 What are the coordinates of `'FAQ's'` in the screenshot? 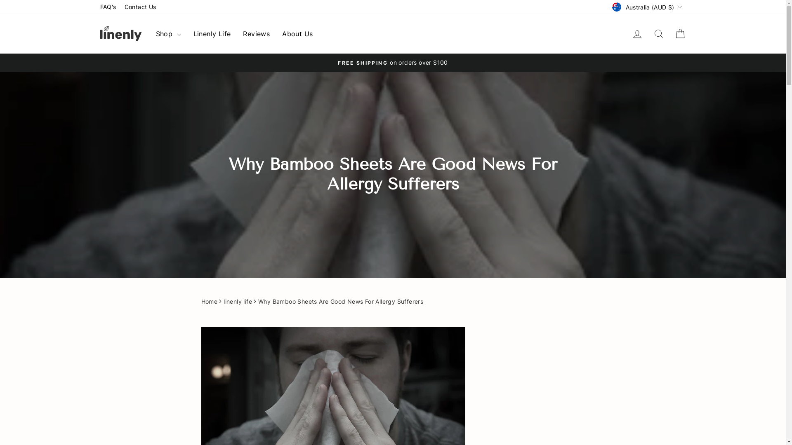 It's located at (107, 7).